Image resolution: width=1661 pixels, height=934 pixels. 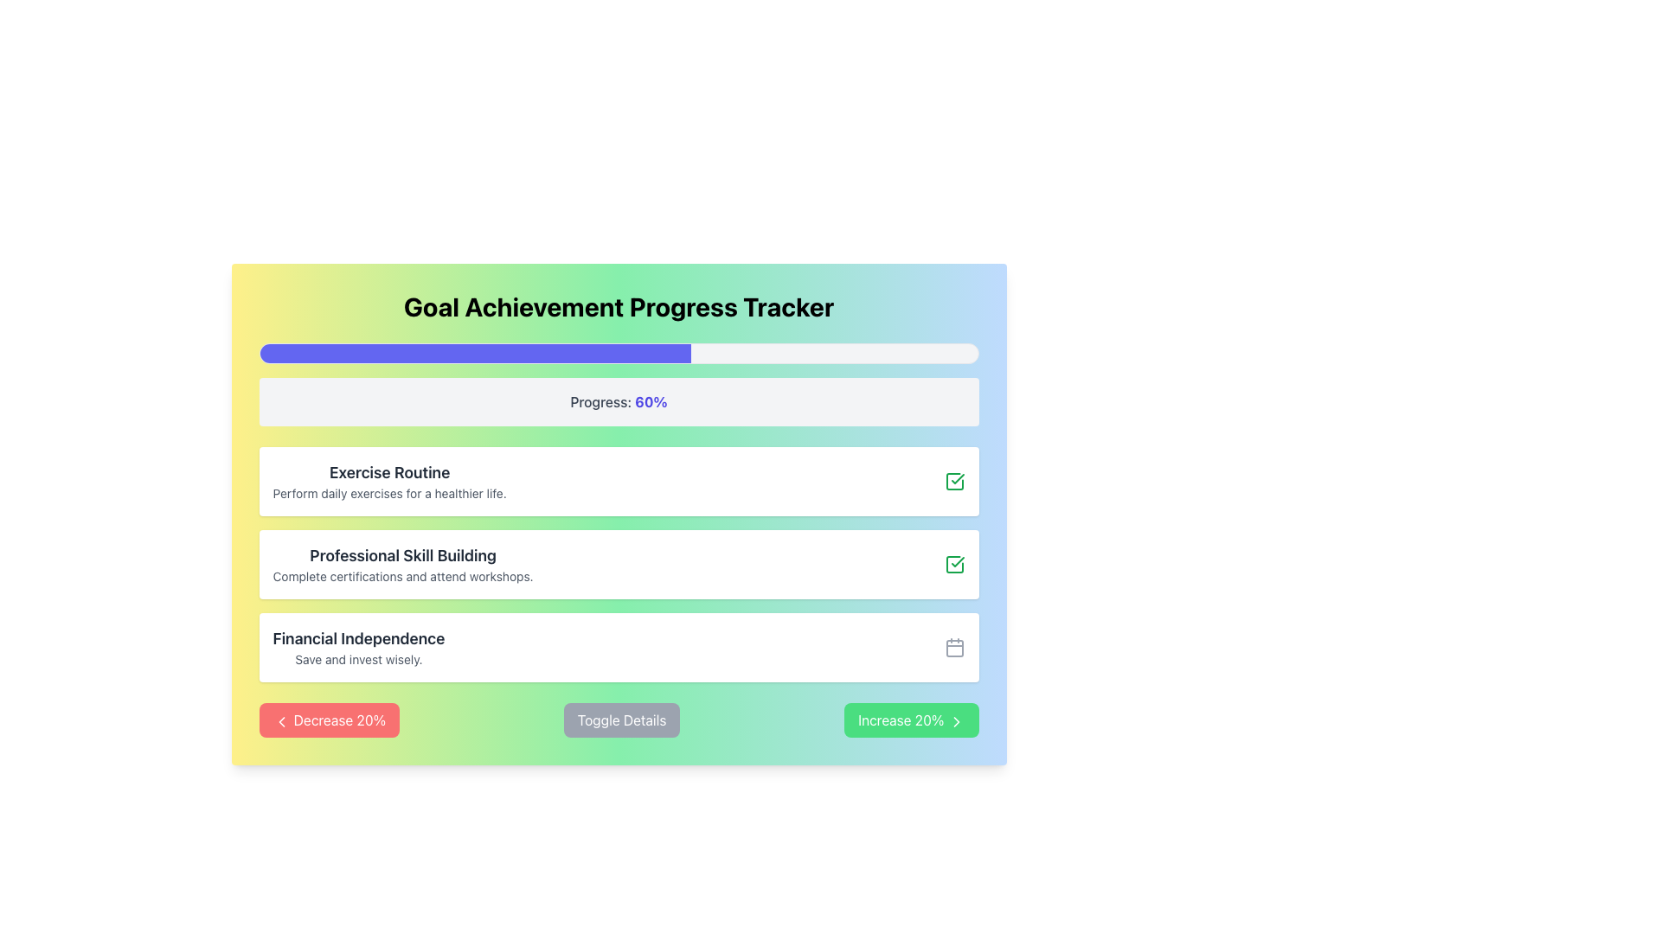 What do you see at coordinates (953, 564) in the screenshot?
I see `the graphical icon with a rectangular shape and rounded corners, which is part of a checkbox with a checkmark located to the right of the 'Exercise Routine' text block` at bounding box center [953, 564].